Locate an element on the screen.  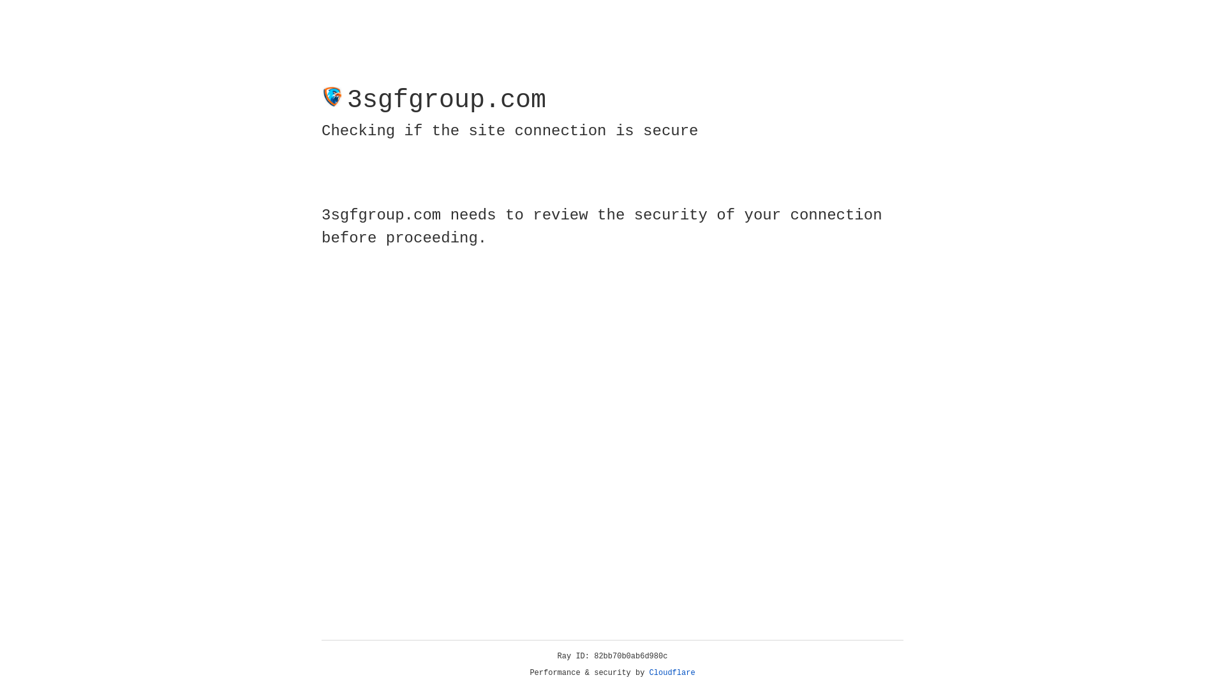
'Cloudflare' is located at coordinates (649, 672).